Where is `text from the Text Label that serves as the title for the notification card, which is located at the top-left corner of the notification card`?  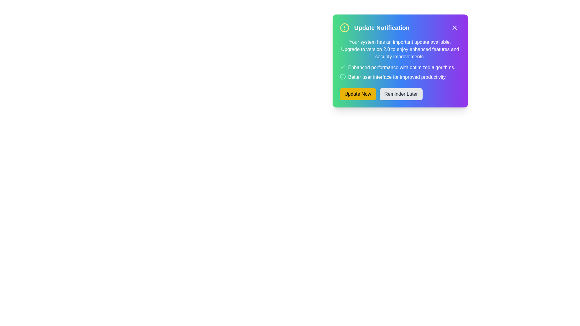 text from the Text Label that serves as the title for the notification card, which is located at the top-left corner of the notification card is located at coordinates (382, 28).